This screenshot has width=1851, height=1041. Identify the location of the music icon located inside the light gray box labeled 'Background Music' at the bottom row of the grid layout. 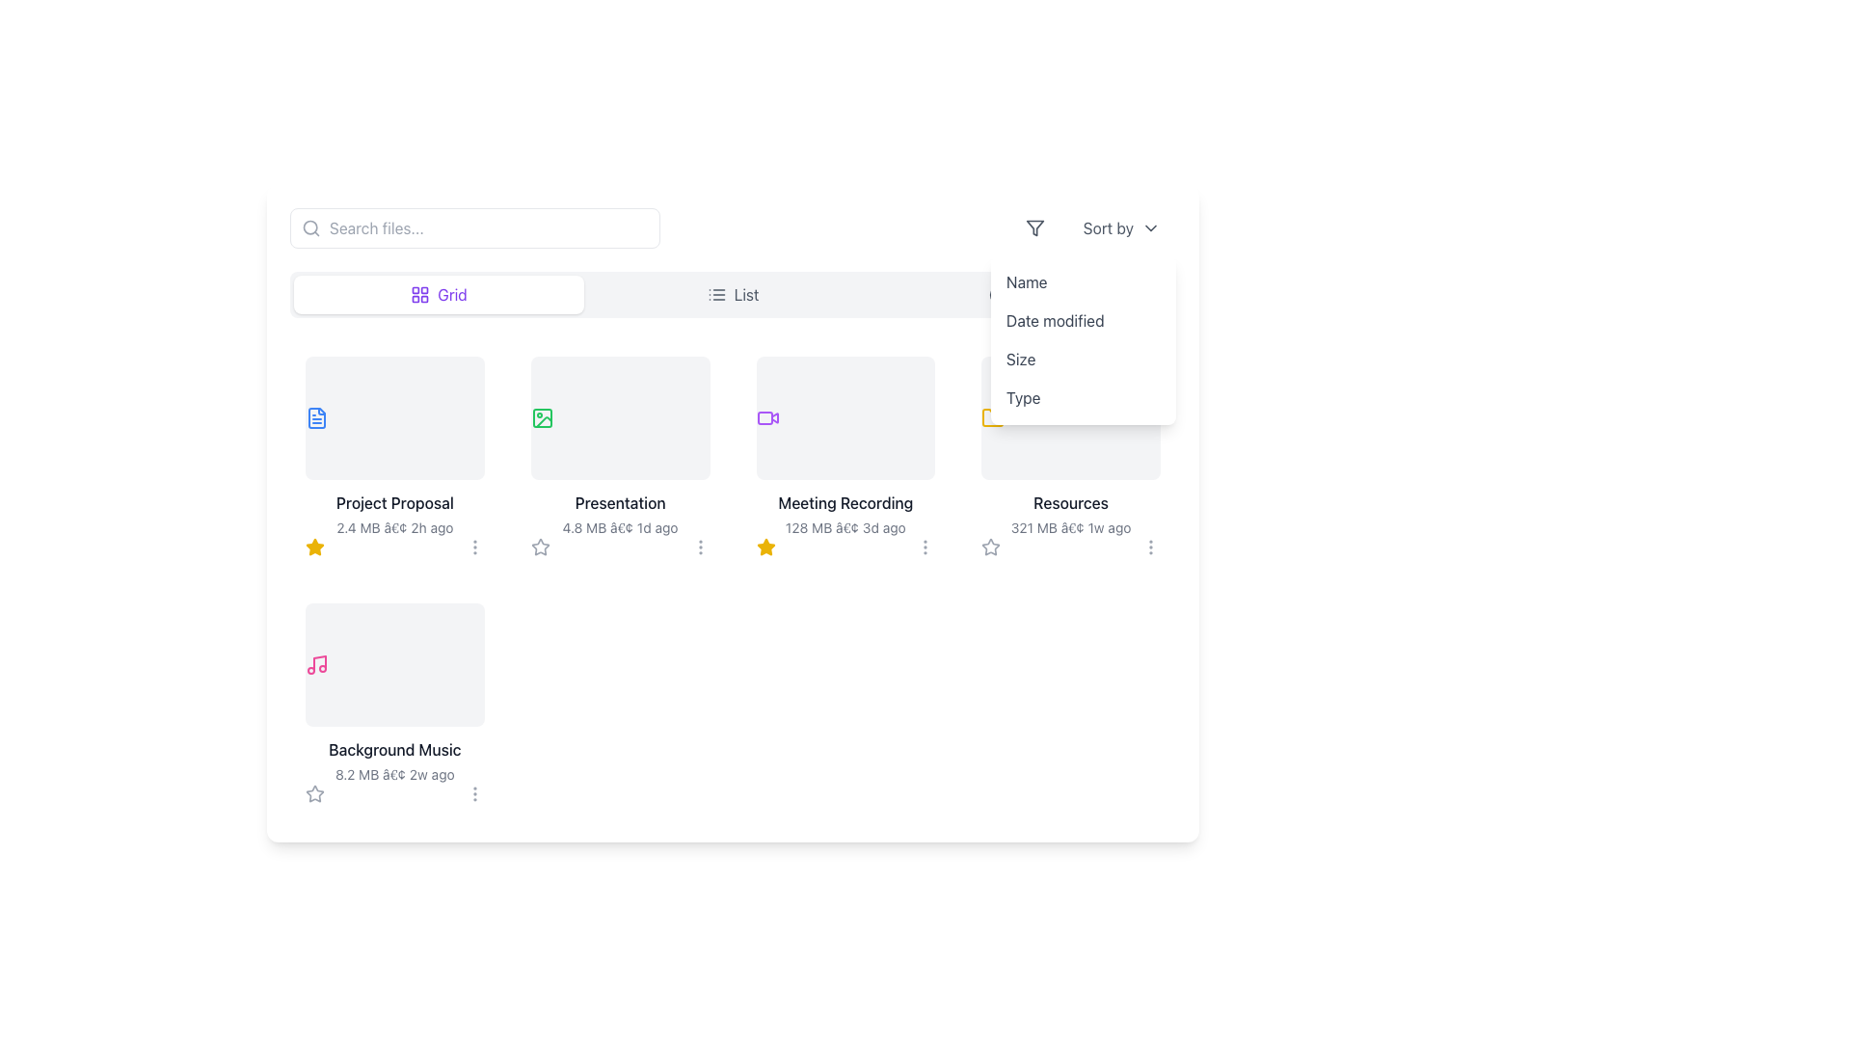
(317, 664).